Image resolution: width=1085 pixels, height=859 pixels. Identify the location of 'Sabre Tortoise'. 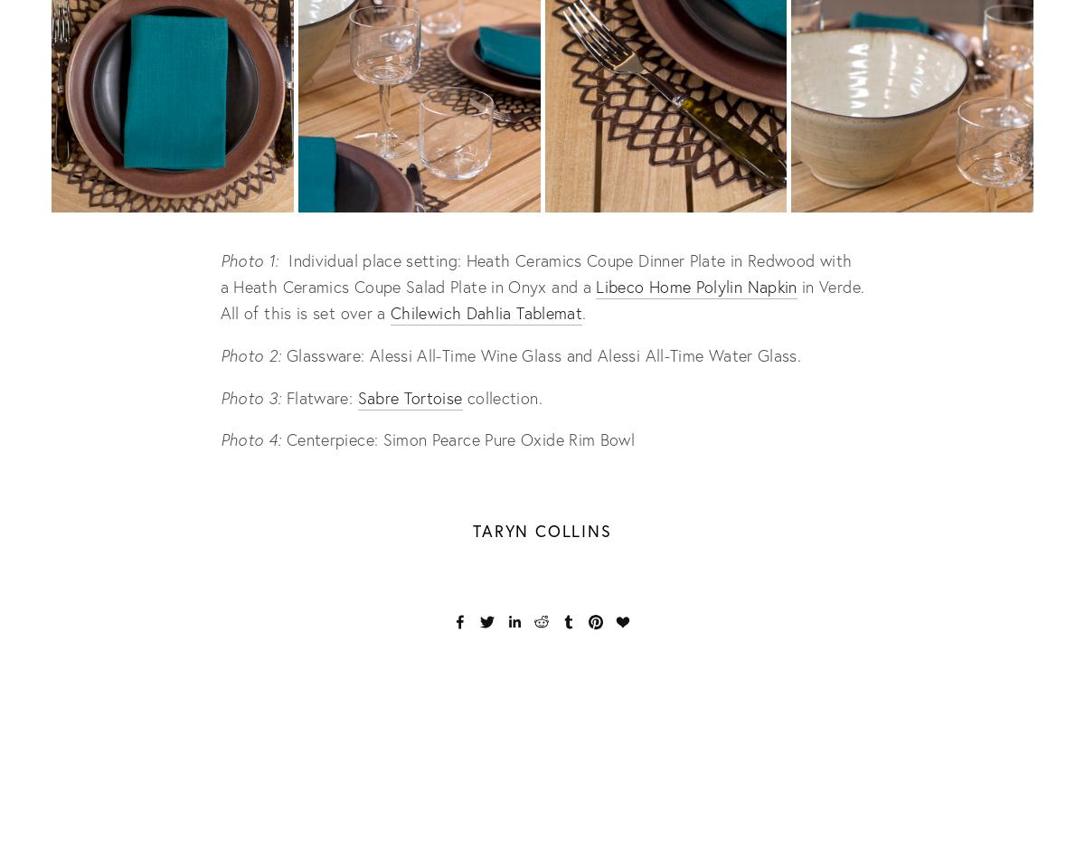
(409, 395).